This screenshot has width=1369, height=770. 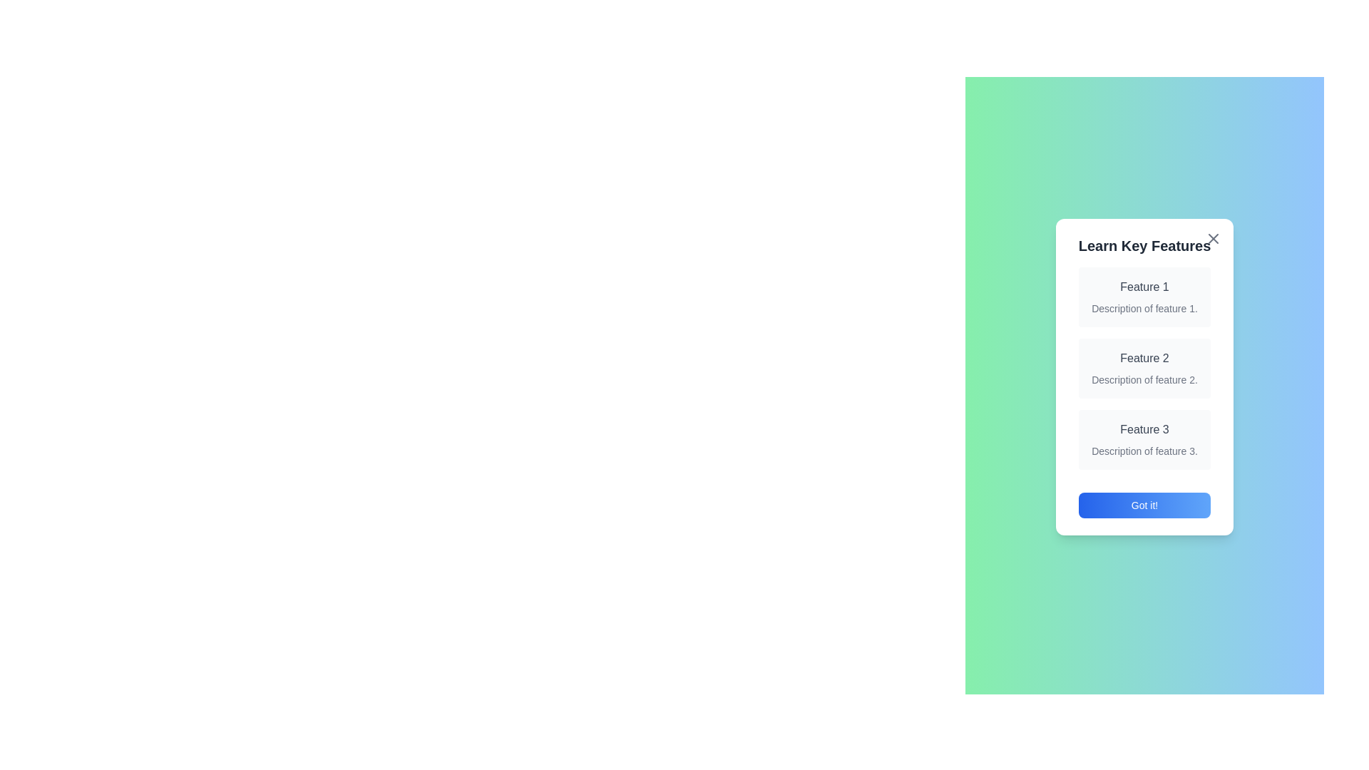 What do you see at coordinates (1144, 505) in the screenshot?
I see `the 'Got it!' button to acknowledge the tutorial completion` at bounding box center [1144, 505].